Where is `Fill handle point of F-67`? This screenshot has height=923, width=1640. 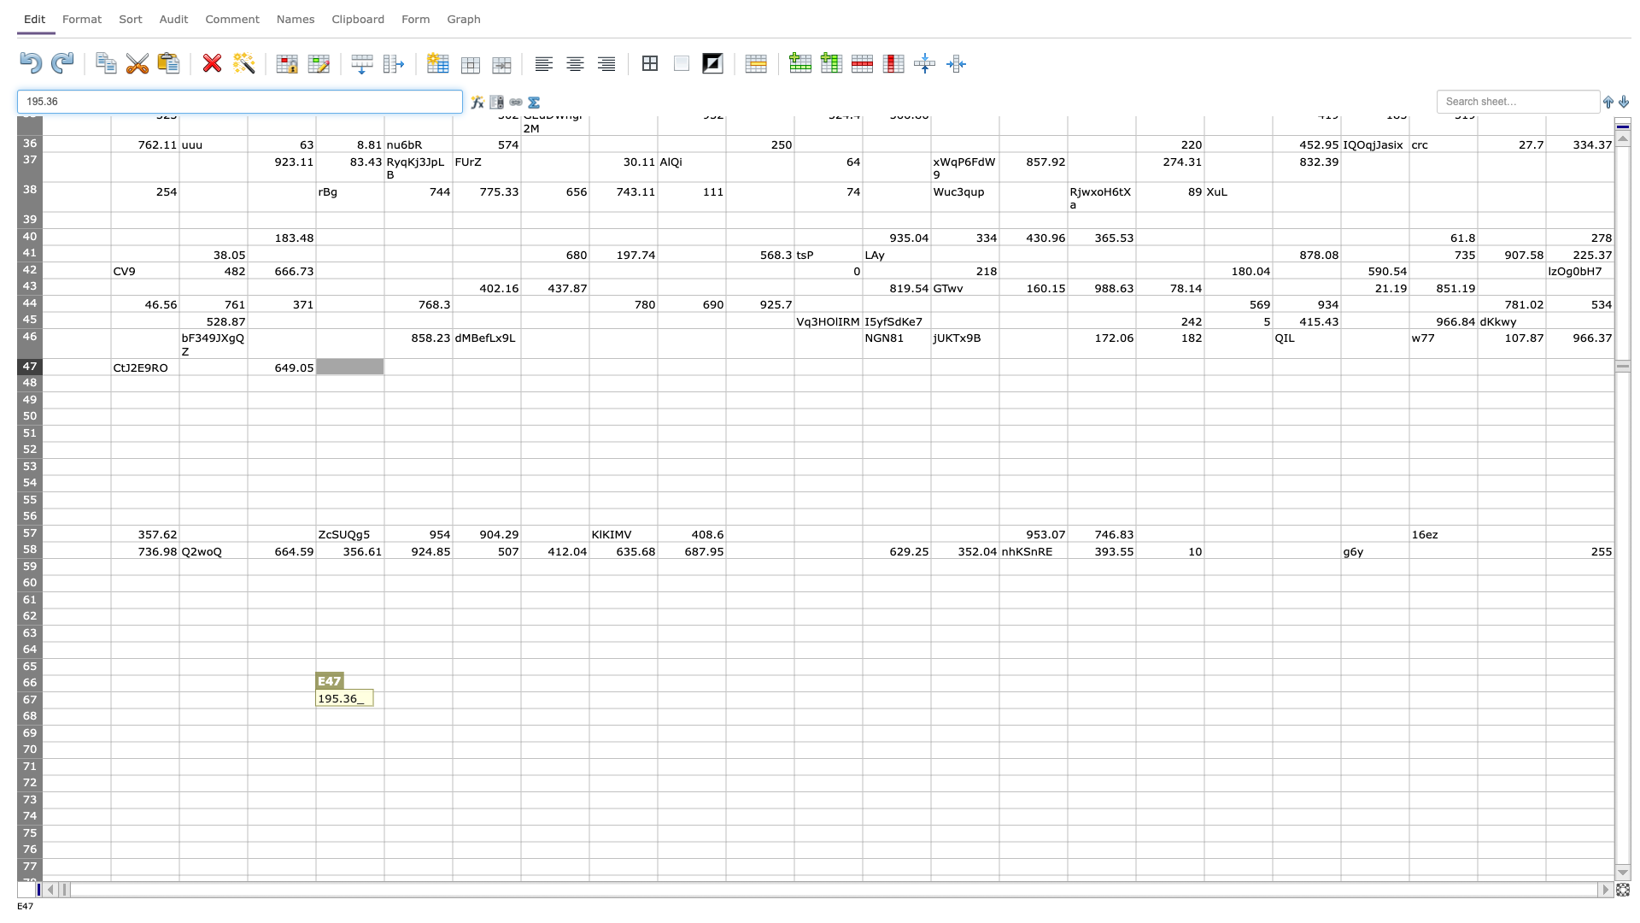
Fill handle point of F-67 is located at coordinates (452, 708).